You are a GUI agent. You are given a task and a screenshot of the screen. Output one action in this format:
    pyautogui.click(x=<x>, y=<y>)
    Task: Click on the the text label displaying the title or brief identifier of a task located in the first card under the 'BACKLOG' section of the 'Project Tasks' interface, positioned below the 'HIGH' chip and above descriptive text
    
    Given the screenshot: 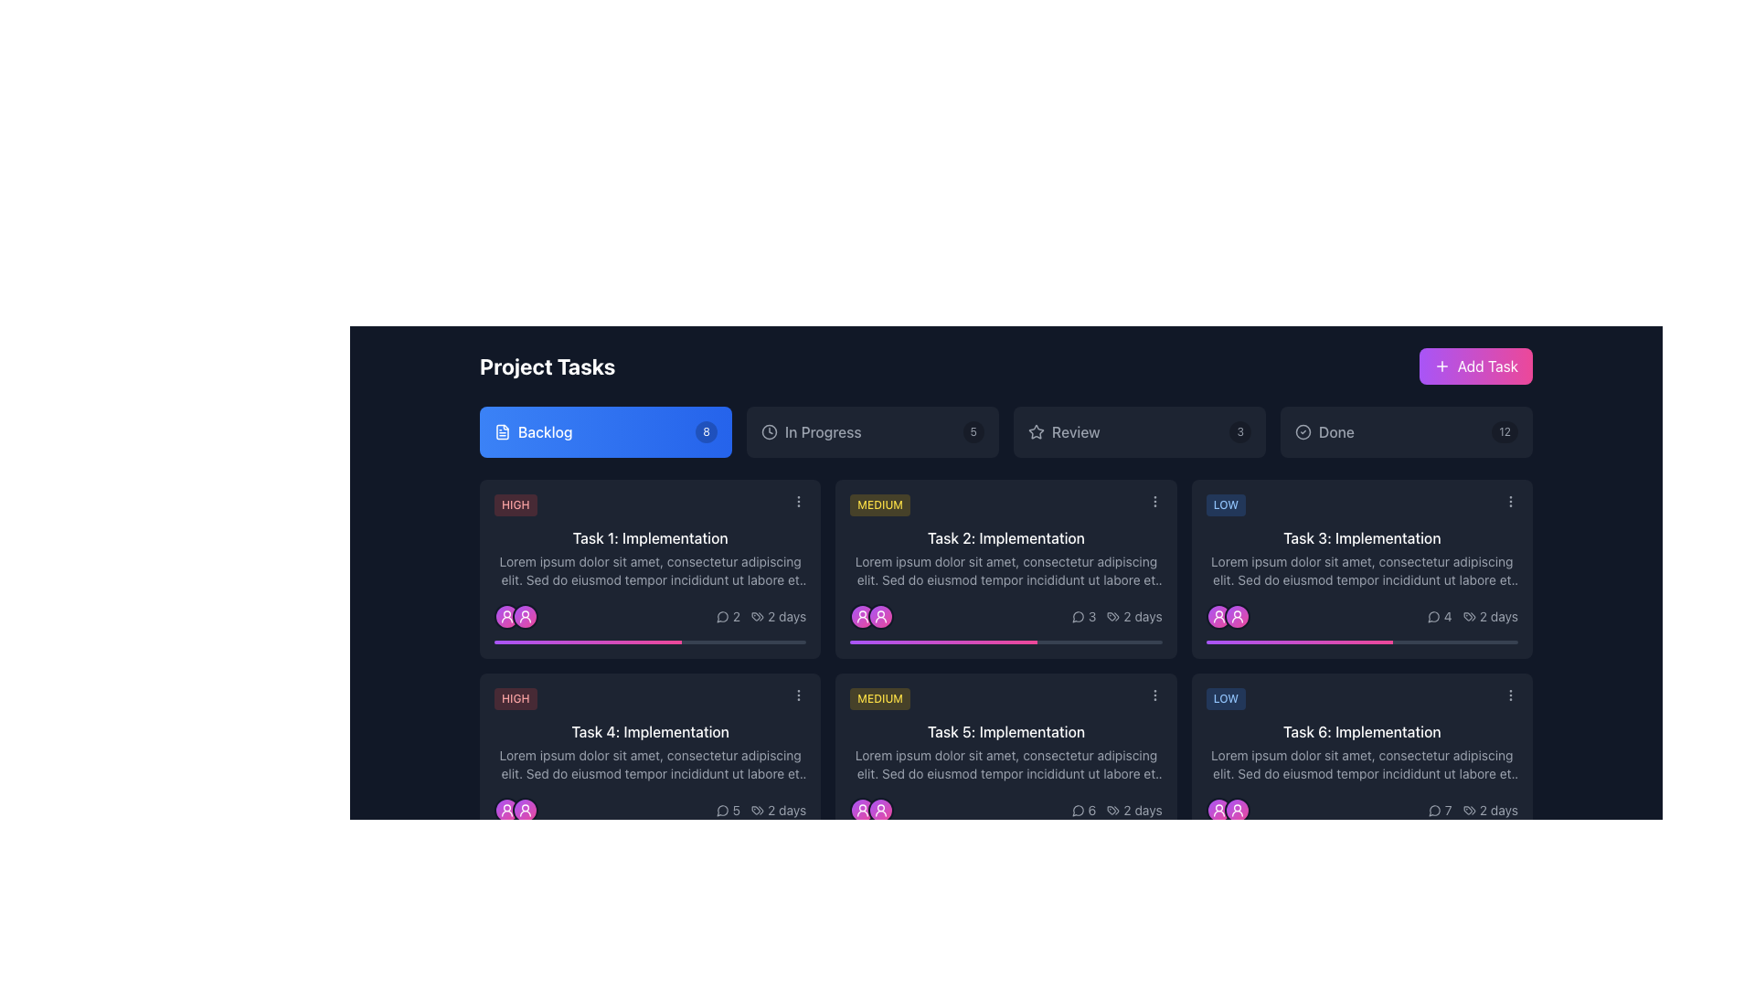 What is the action you would take?
    pyautogui.click(x=650, y=537)
    